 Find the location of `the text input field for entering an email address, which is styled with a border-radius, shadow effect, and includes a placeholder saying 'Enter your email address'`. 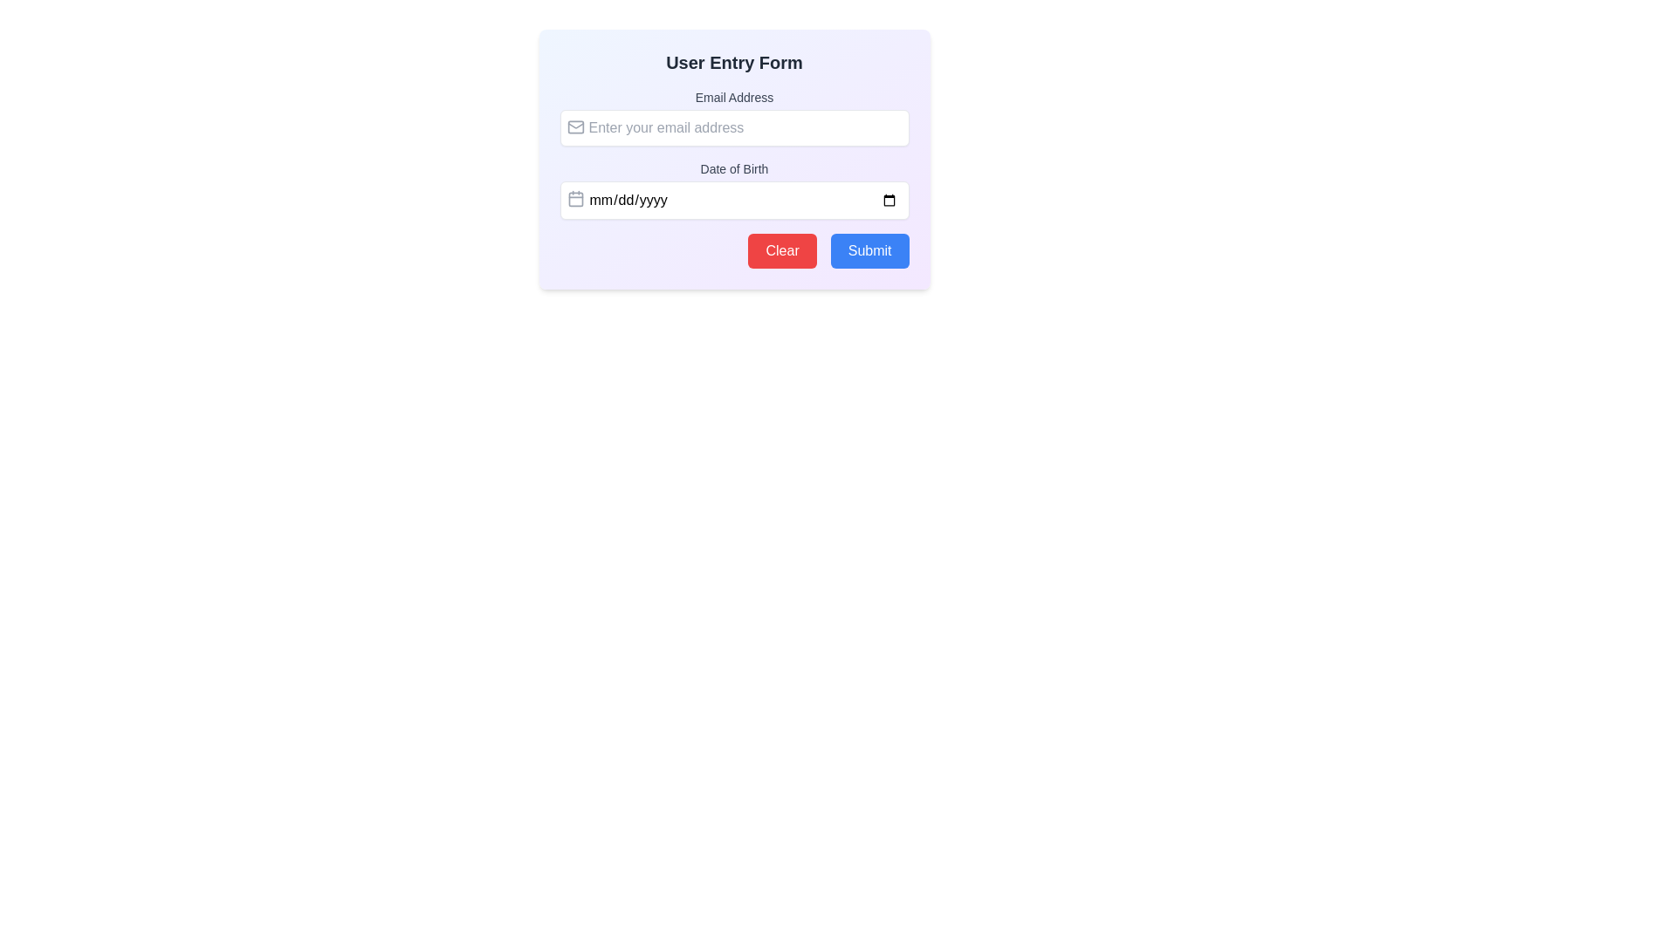

the text input field for entering an email address, which is styled with a border-radius, shadow effect, and includes a placeholder saying 'Enter your email address' is located at coordinates (734, 126).